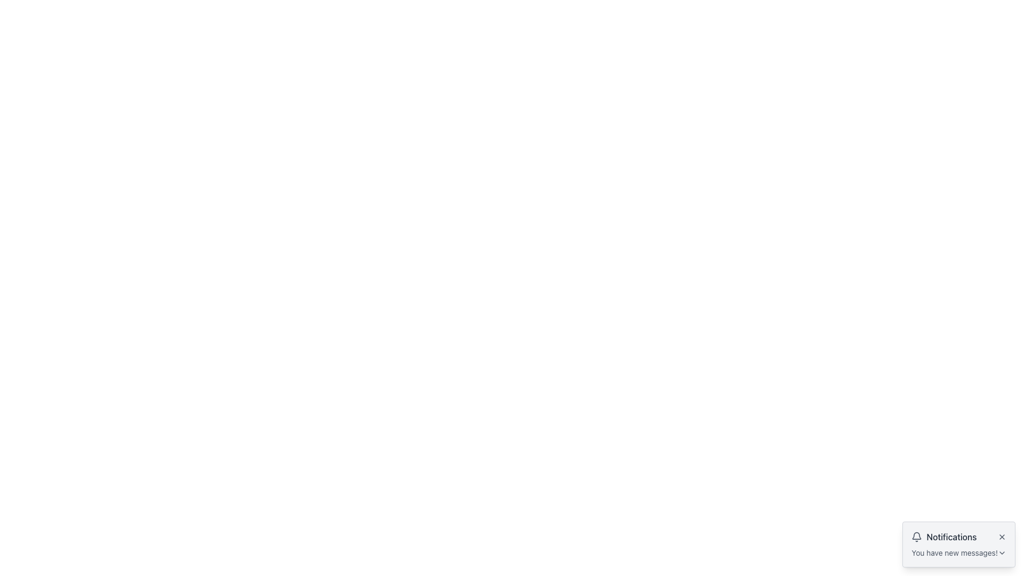 Image resolution: width=1024 pixels, height=576 pixels. I want to click on the small circular 'X' button in the notification panel header, so click(1001, 537).